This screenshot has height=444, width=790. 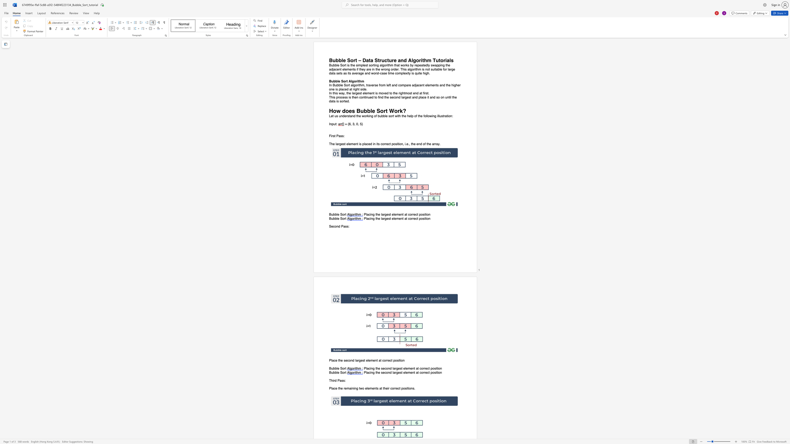 I want to click on the 1th character "h" in the text, so click(x=360, y=81).